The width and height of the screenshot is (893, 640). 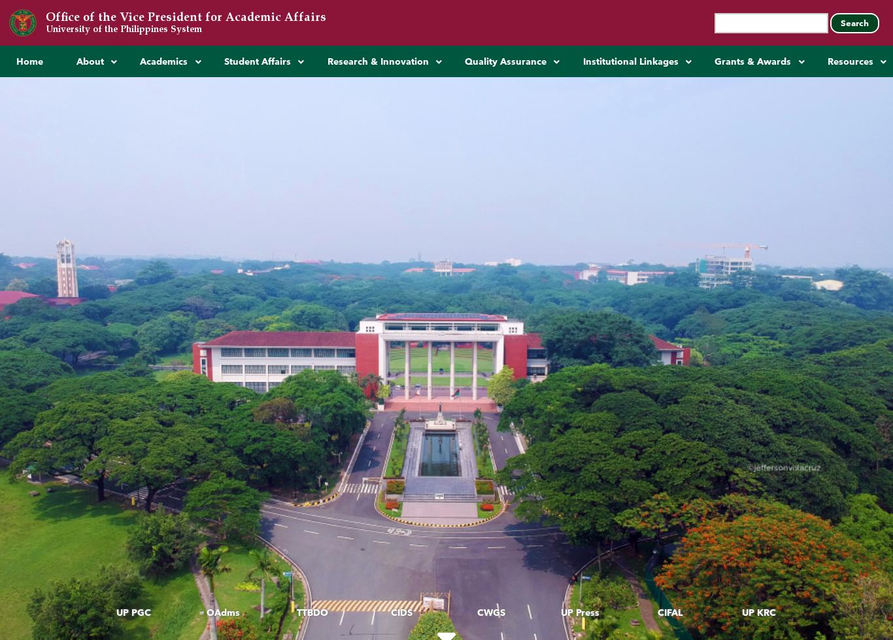 I want to click on 'Curriculum', so click(x=162, y=188).